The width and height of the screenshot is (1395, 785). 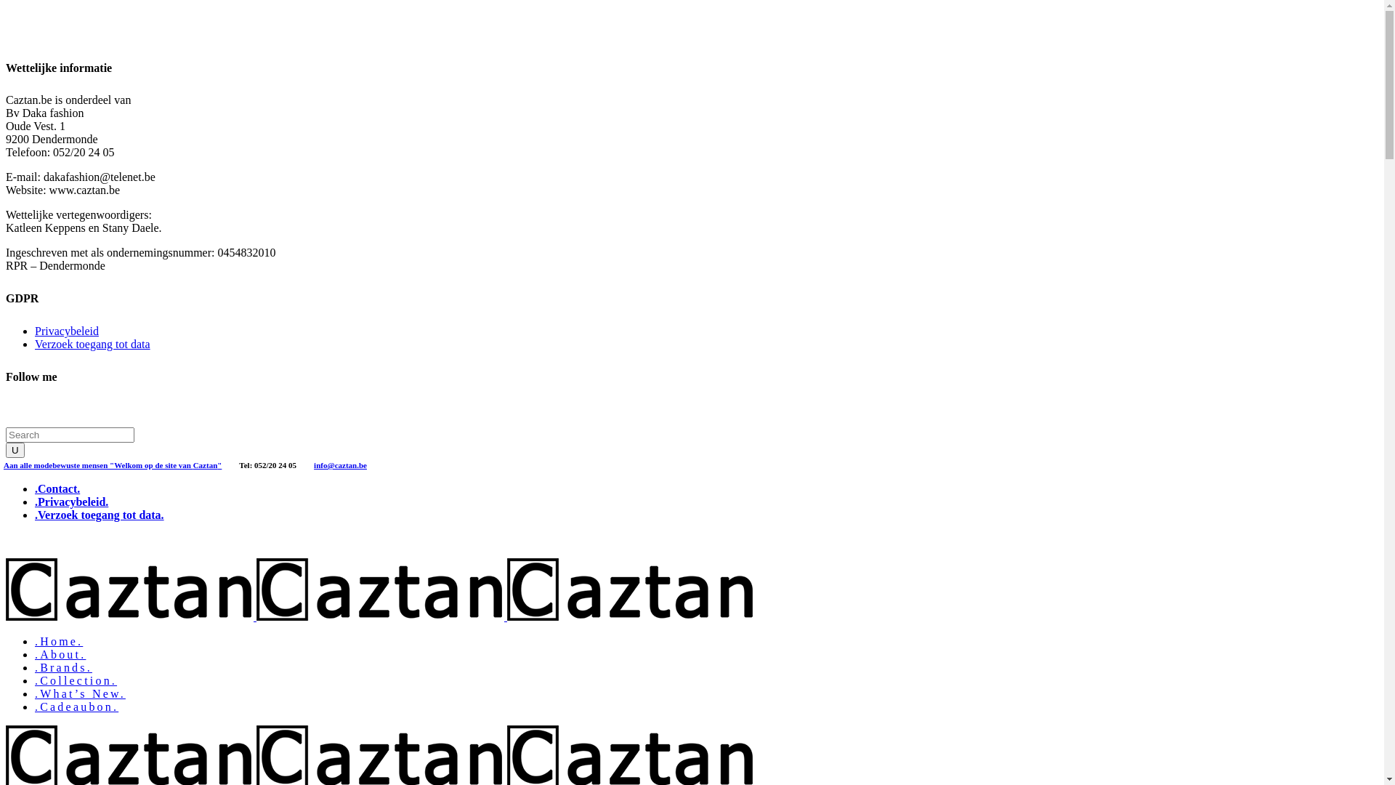 I want to click on '.Cadeaubon.', so click(x=76, y=706).